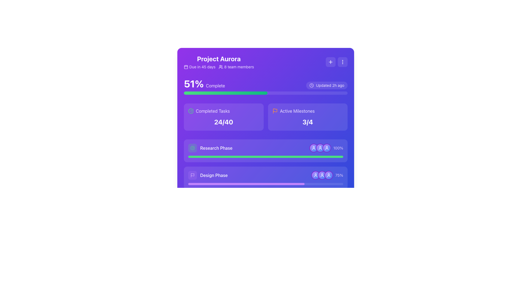 The image size is (523, 294). Describe the element at coordinates (192, 148) in the screenshot. I see `CSS properties of the green circular icon with a checkmark inside, located at the beginning of the 'Research Phase' section in the UI` at that location.